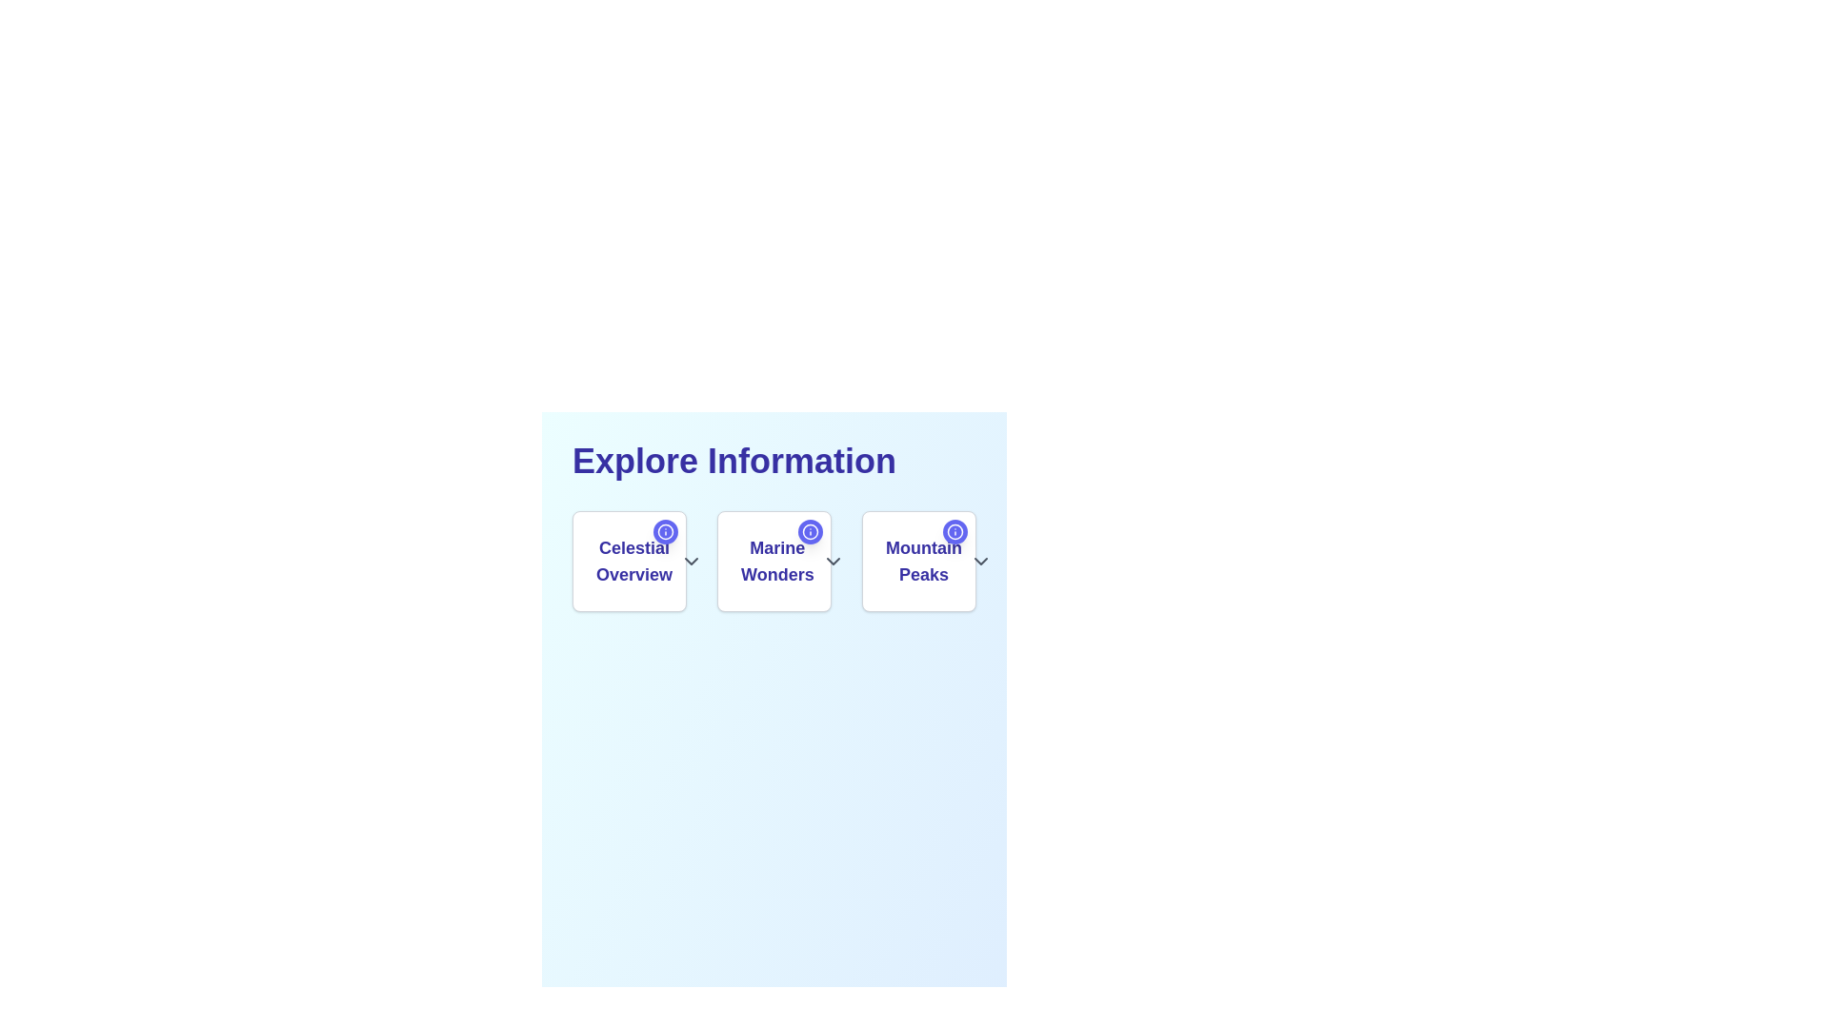  I want to click on the 'Marine Wonders' text label, so click(777, 561).